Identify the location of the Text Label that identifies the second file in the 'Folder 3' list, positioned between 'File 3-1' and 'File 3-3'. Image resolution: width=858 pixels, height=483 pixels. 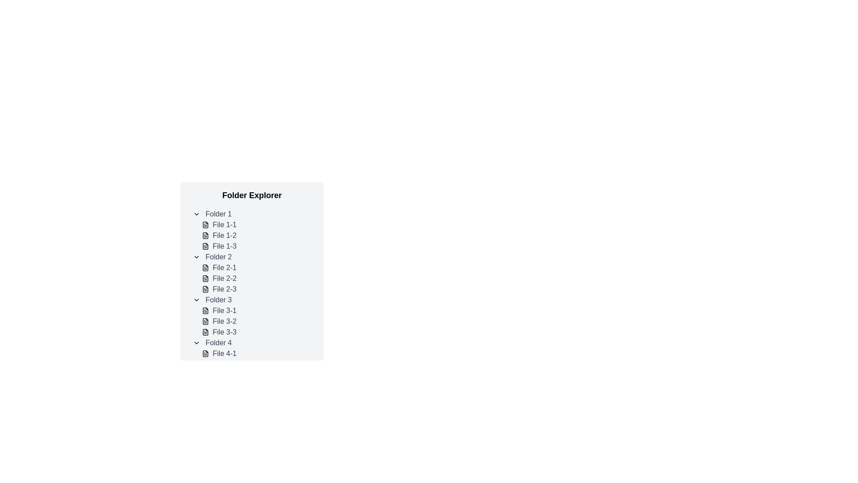
(224, 321).